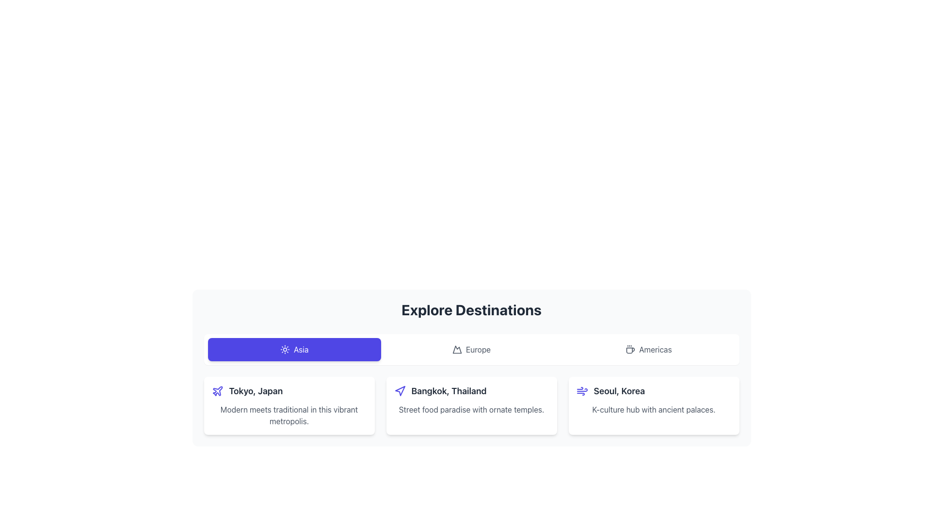  Describe the element at coordinates (400, 390) in the screenshot. I see `the navigation pointer icon styled in solid purple located within the 'Bangkok, Thailand' card, positioned to the left of the text` at that location.